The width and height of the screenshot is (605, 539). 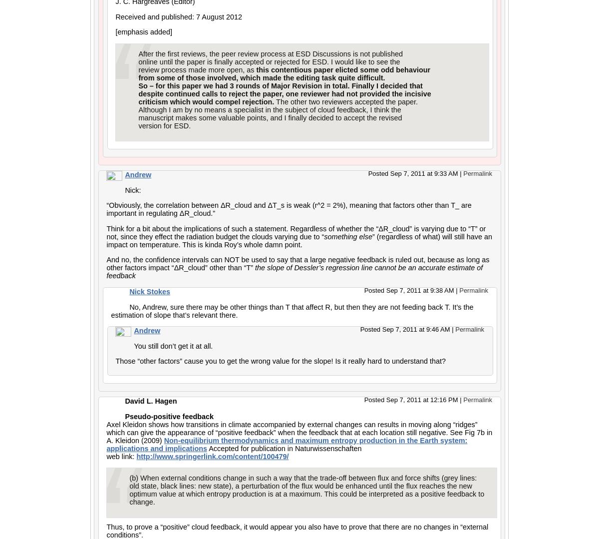 I want to click on 'Think for a bit about the implications of such a statement. Regardless of whether the “ΔR_cloud” is varying due to “T” or not, since they effect the radiation budget the clouds varying due to “', so click(x=105, y=232).